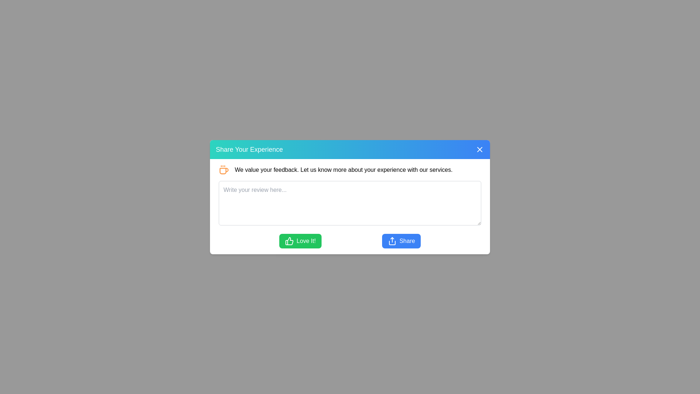 The width and height of the screenshot is (700, 394). Describe the element at coordinates (401, 241) in the screenshot. I see `the 'Share' button with a blue background and upward-pointing arrow icon` at that location.